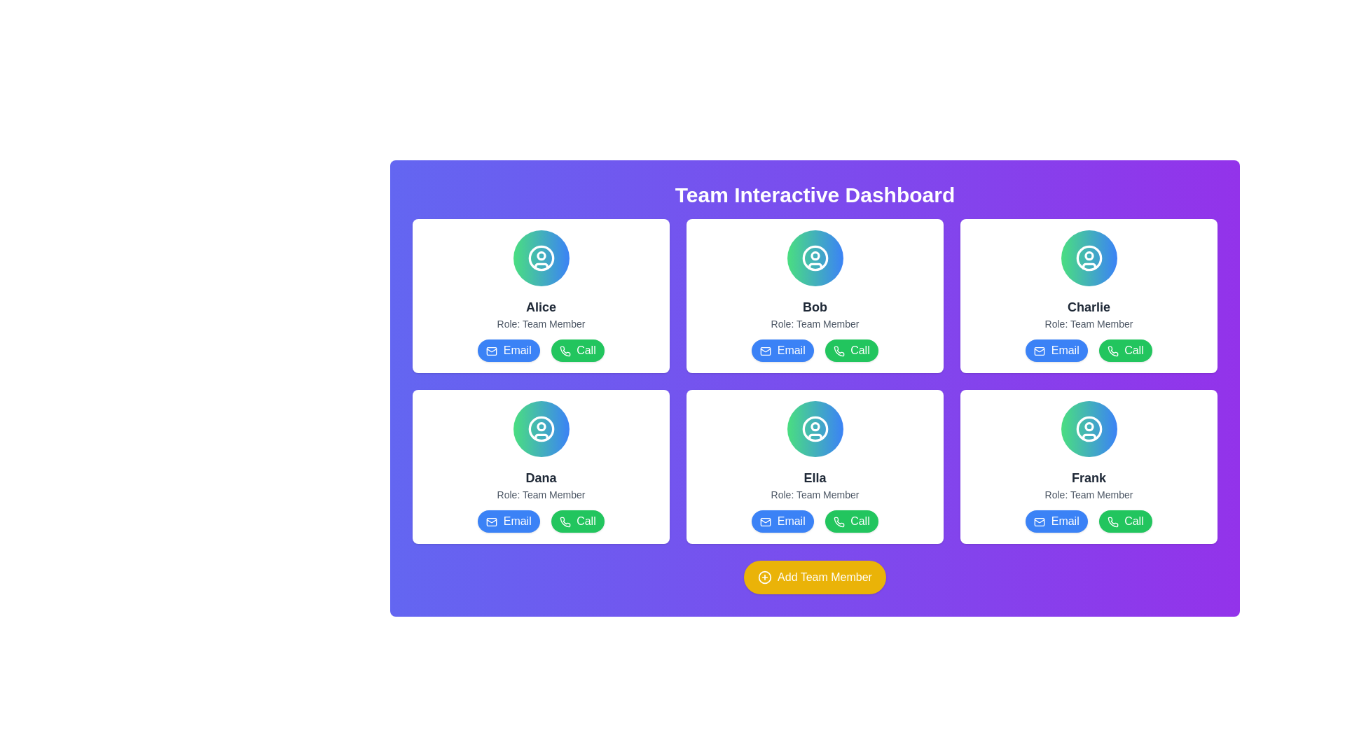  I want to click on the text label displaying the name 'Charlie' within the profile card, which is centered below the role icon and above the smaller text description, so click(1088, 307).